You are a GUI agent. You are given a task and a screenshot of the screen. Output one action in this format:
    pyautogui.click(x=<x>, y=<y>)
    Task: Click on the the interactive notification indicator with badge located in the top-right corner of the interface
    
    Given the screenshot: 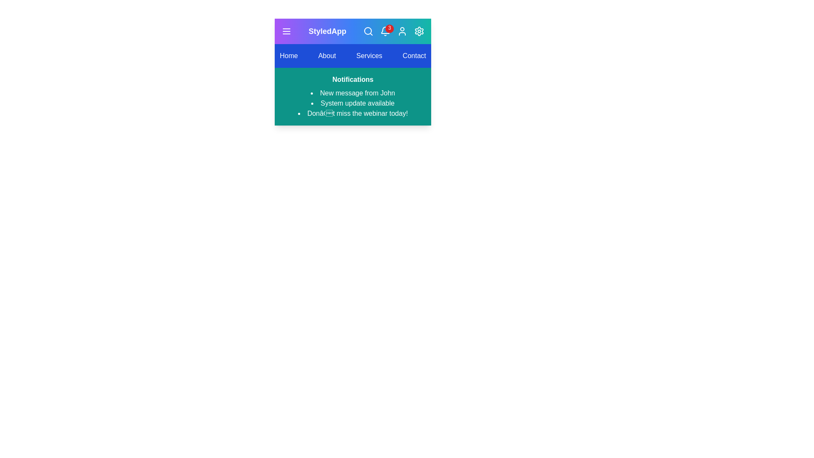 What is the action you would take?
    pyautogui.click(x=385, y=31)
    